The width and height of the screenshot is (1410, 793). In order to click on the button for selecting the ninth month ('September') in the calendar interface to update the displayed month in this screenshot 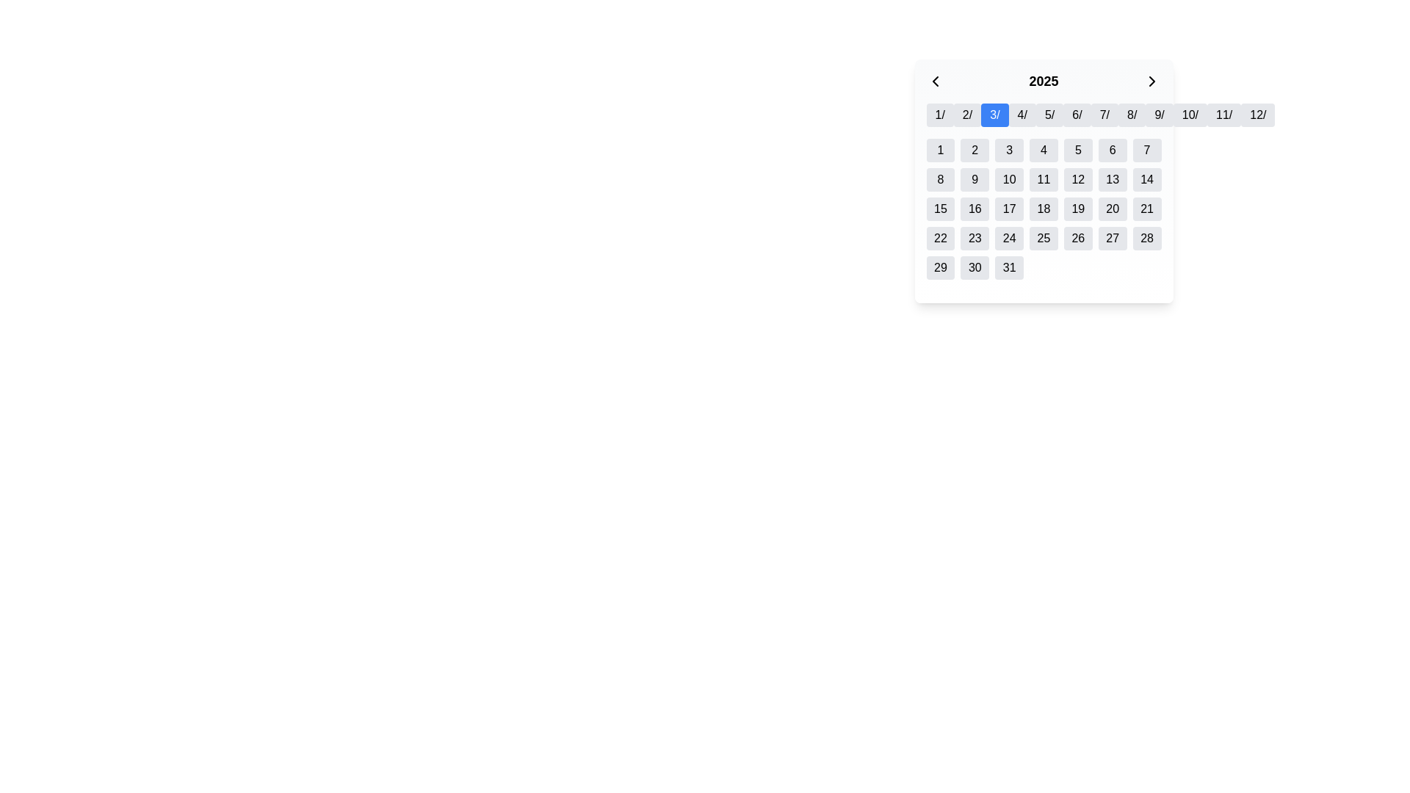, I will do `click(1159, 115)`.